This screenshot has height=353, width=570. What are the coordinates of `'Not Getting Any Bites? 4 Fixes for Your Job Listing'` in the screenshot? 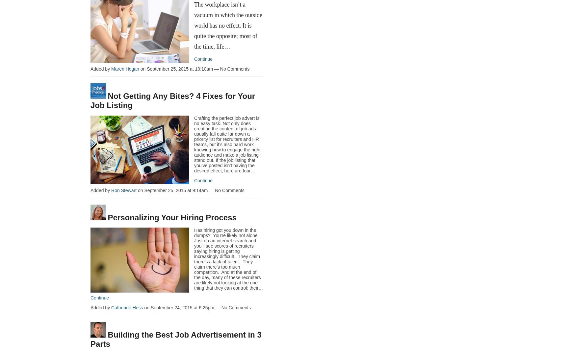 It's located at (172, 100).